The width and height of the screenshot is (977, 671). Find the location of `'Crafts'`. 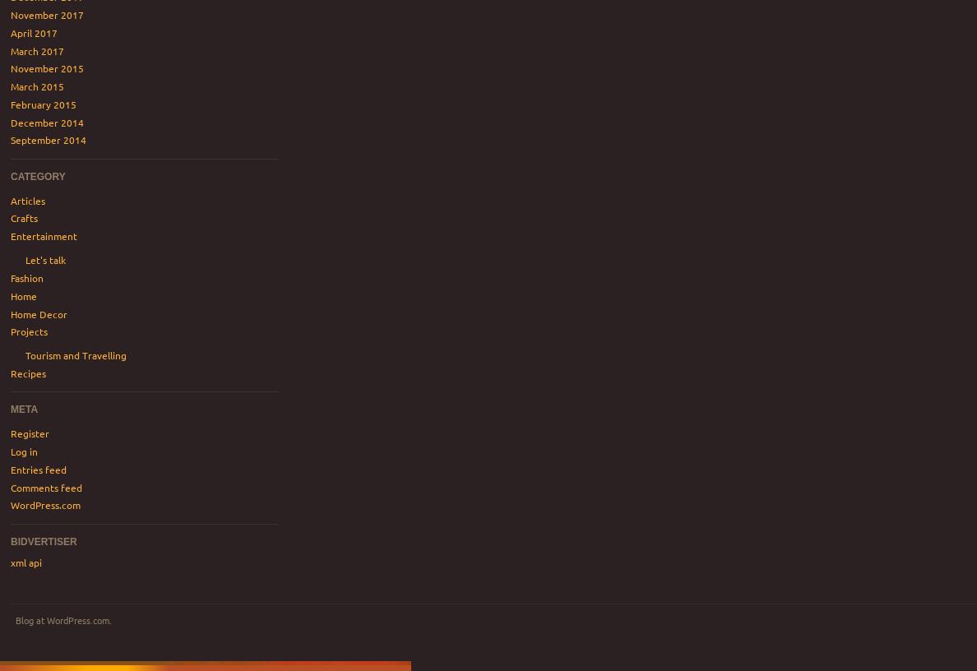

'Crafts' is located at coordinates (9, 217).